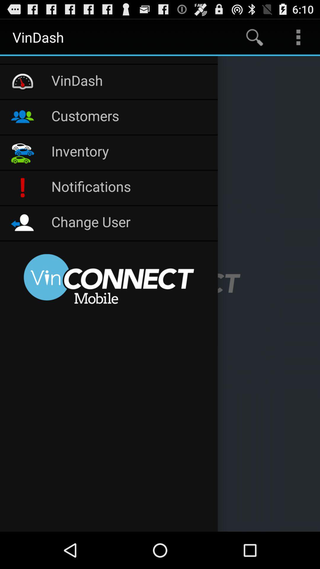  Describe the element at coordinates (109, 60) in the screenshot. I see `the icon below vindash app` at that location.